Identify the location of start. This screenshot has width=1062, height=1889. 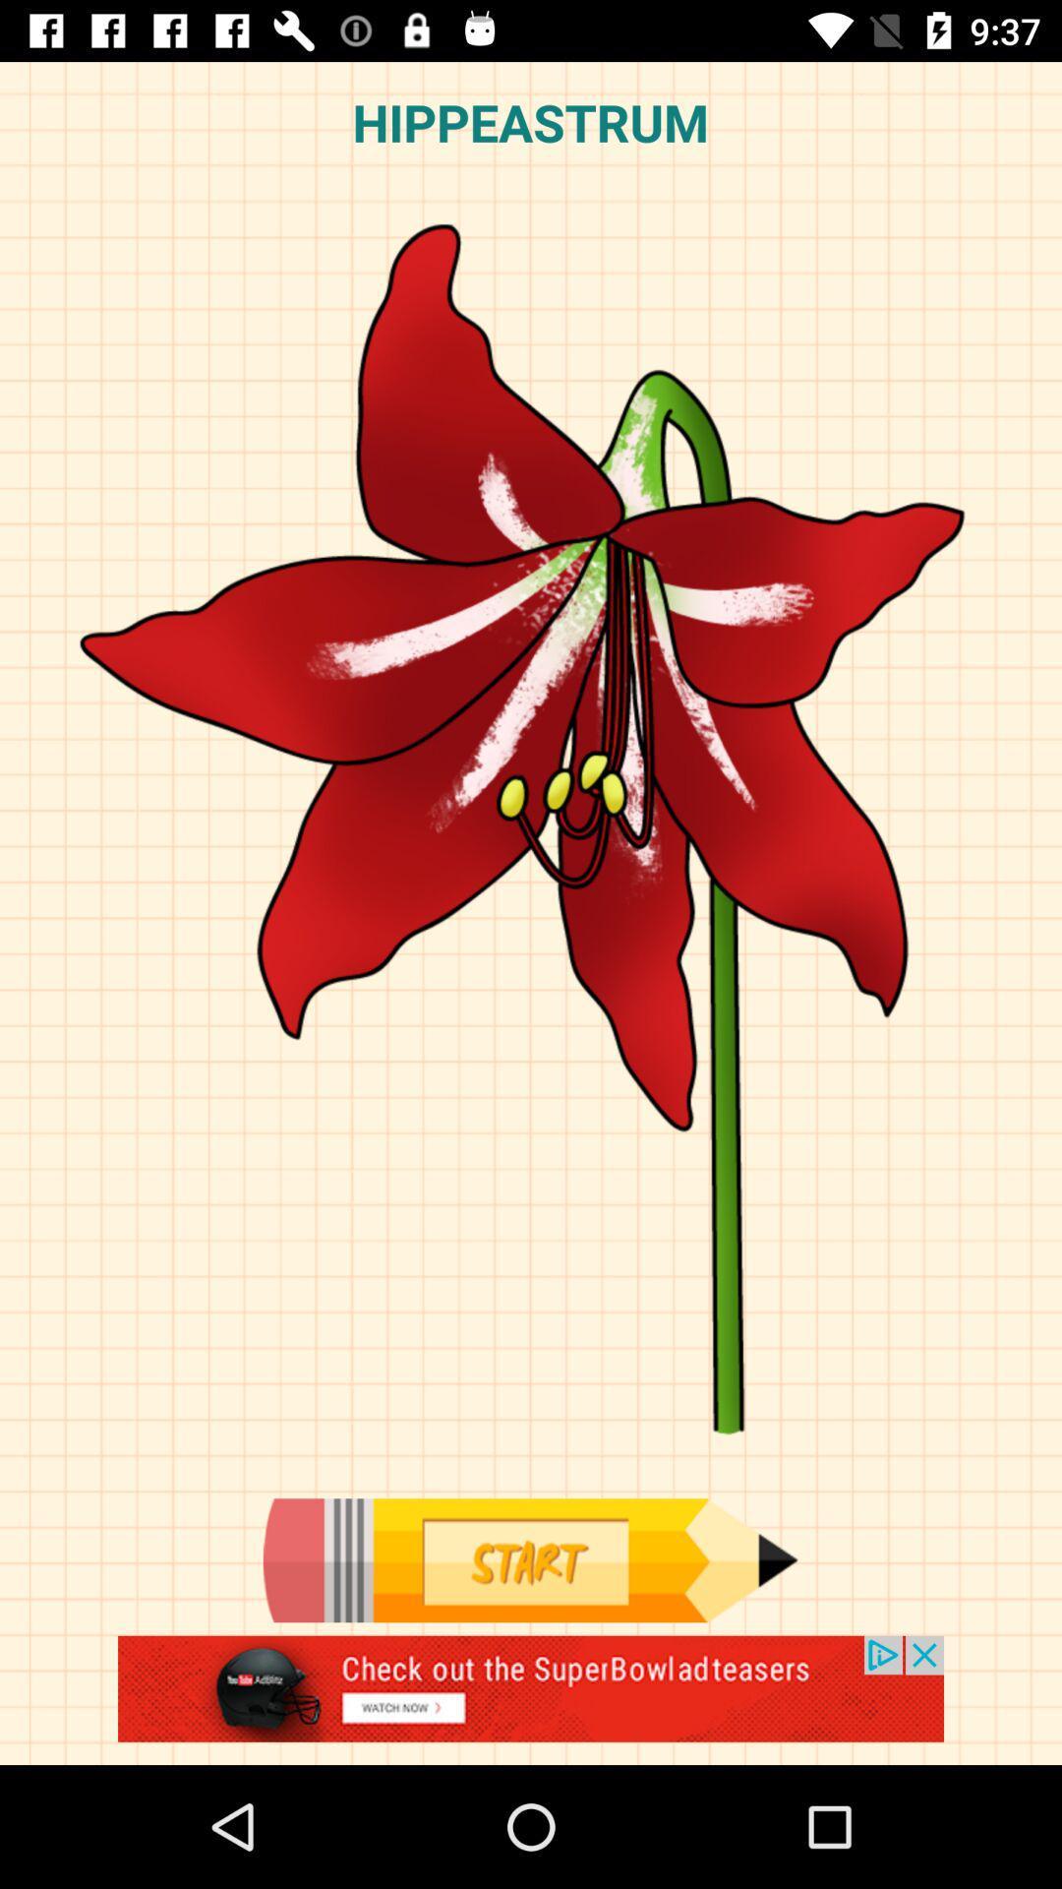
(529, 1559).